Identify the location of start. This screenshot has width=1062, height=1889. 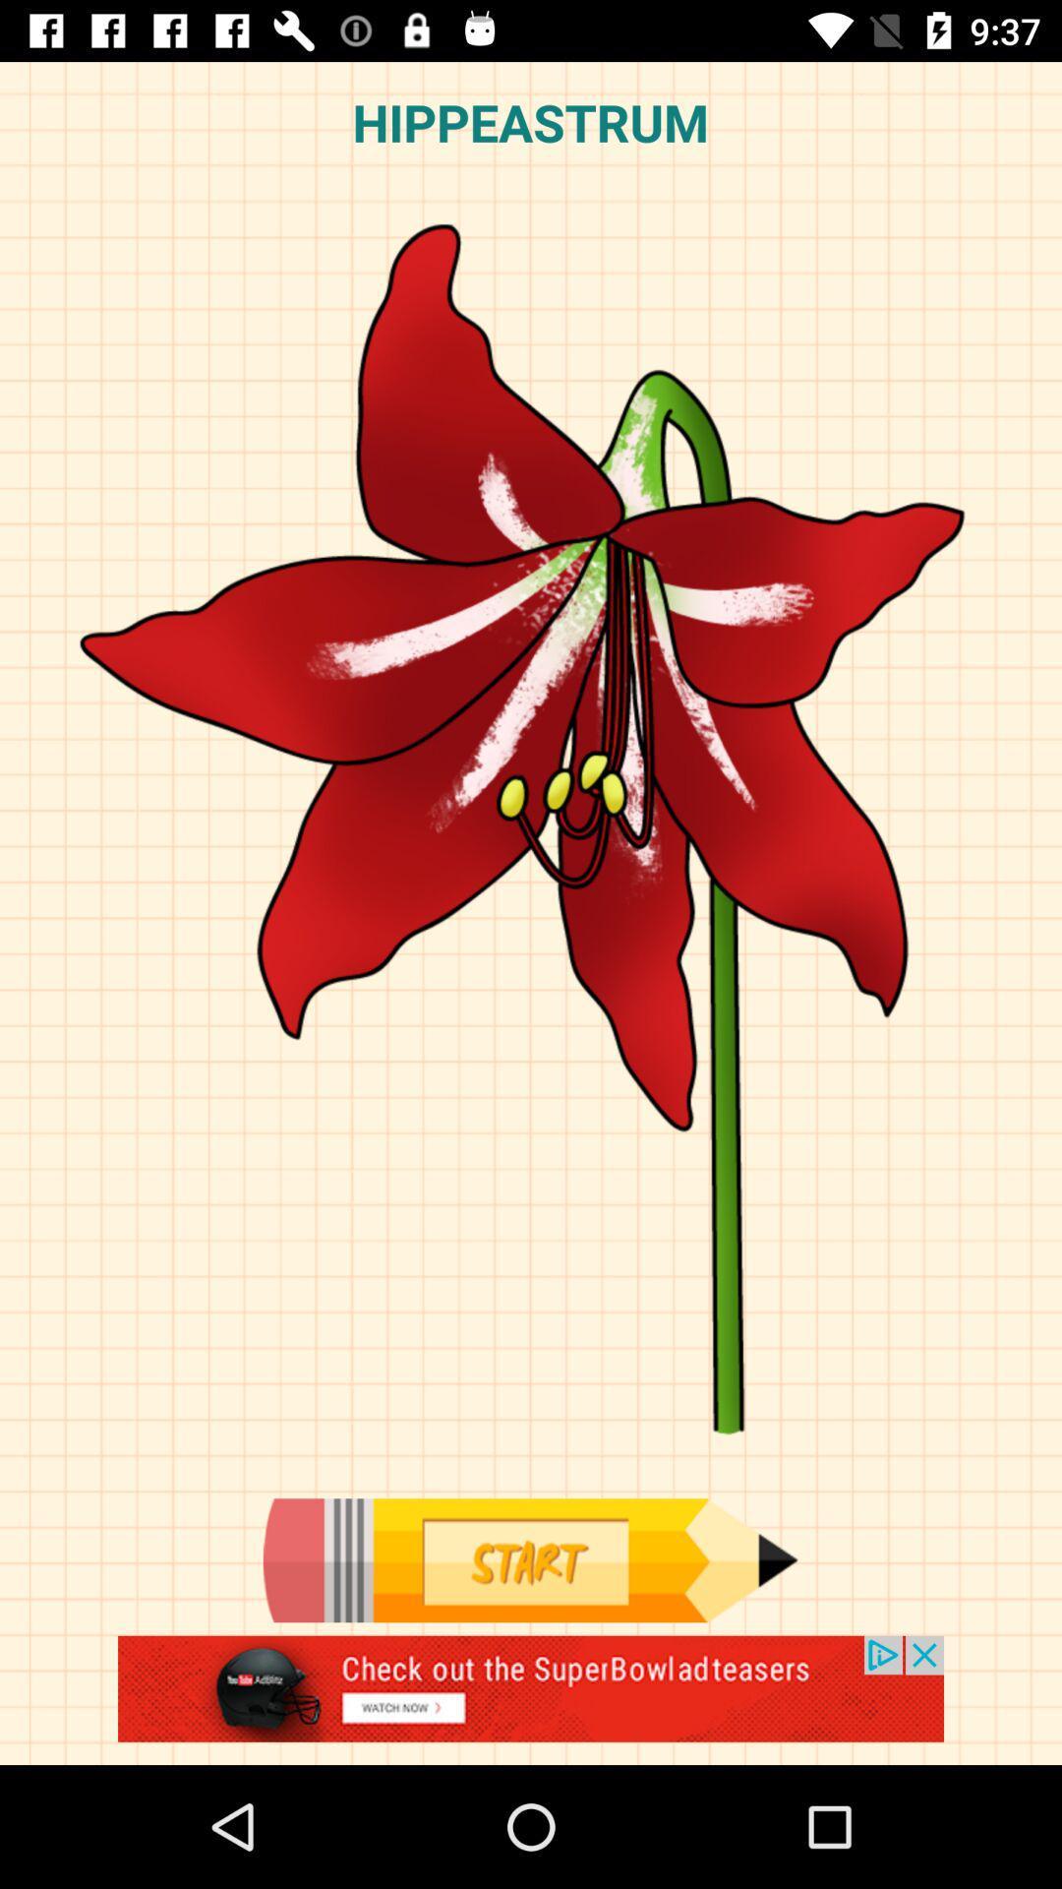
(529, 1559).